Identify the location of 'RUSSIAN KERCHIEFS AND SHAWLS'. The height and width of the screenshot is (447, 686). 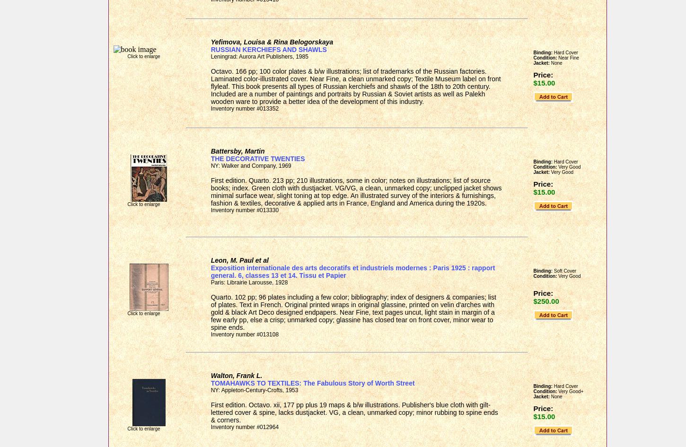
(268, 49).